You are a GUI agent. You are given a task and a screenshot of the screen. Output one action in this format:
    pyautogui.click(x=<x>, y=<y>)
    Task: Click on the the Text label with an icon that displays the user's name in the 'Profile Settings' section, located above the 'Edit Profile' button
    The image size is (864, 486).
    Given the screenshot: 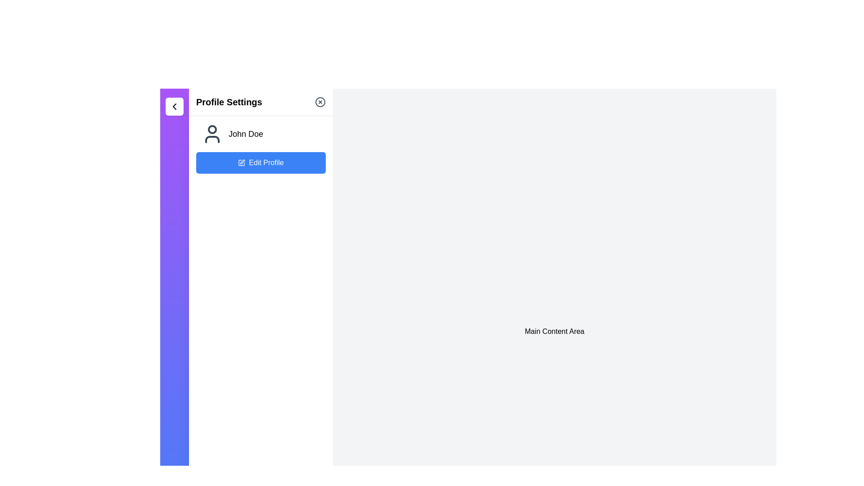 What is the action you would take?
    pyautogui.click(x=261, y=134)
    